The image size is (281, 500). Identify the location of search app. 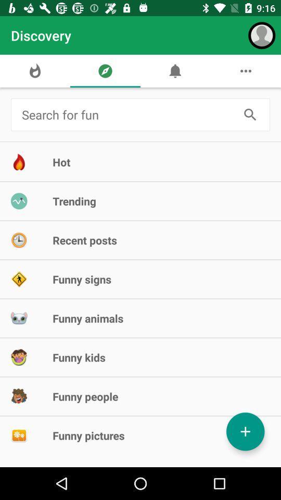
(250, 115).